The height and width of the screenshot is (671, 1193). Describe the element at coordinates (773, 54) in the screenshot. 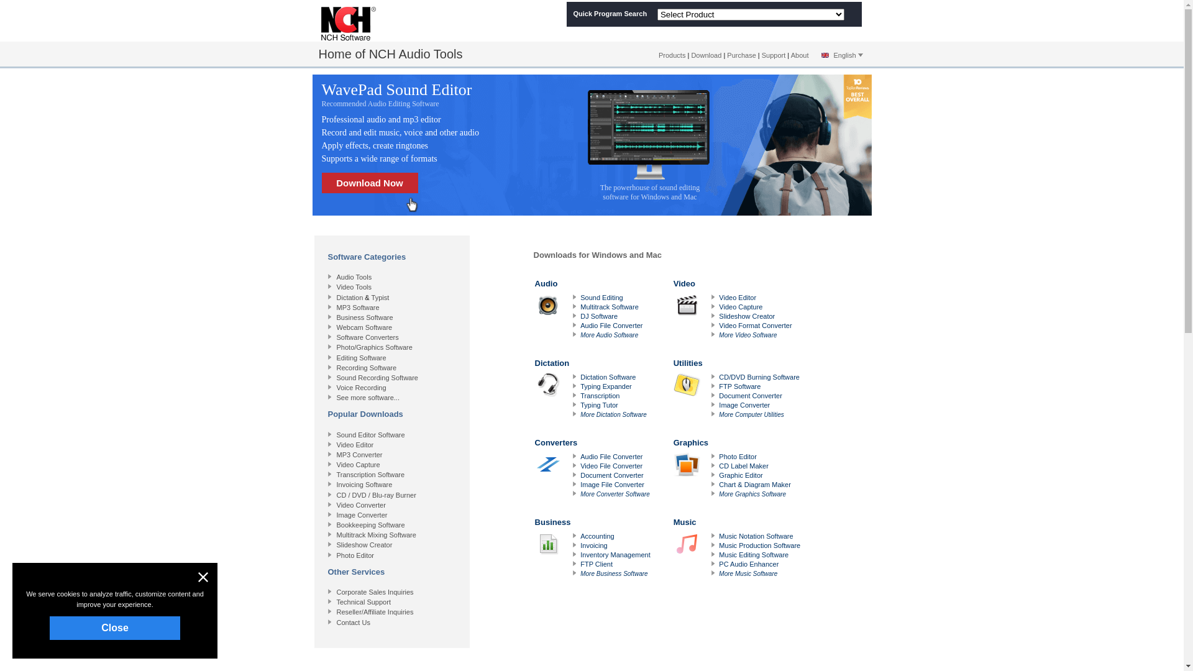

I see `'Support'` at that location.